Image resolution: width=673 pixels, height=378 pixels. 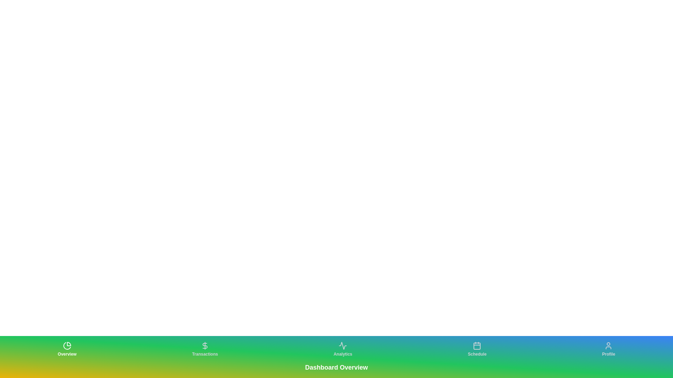 I want to click on the tab labeled Overview to observe its hover effect, so click(x=67, y=349).